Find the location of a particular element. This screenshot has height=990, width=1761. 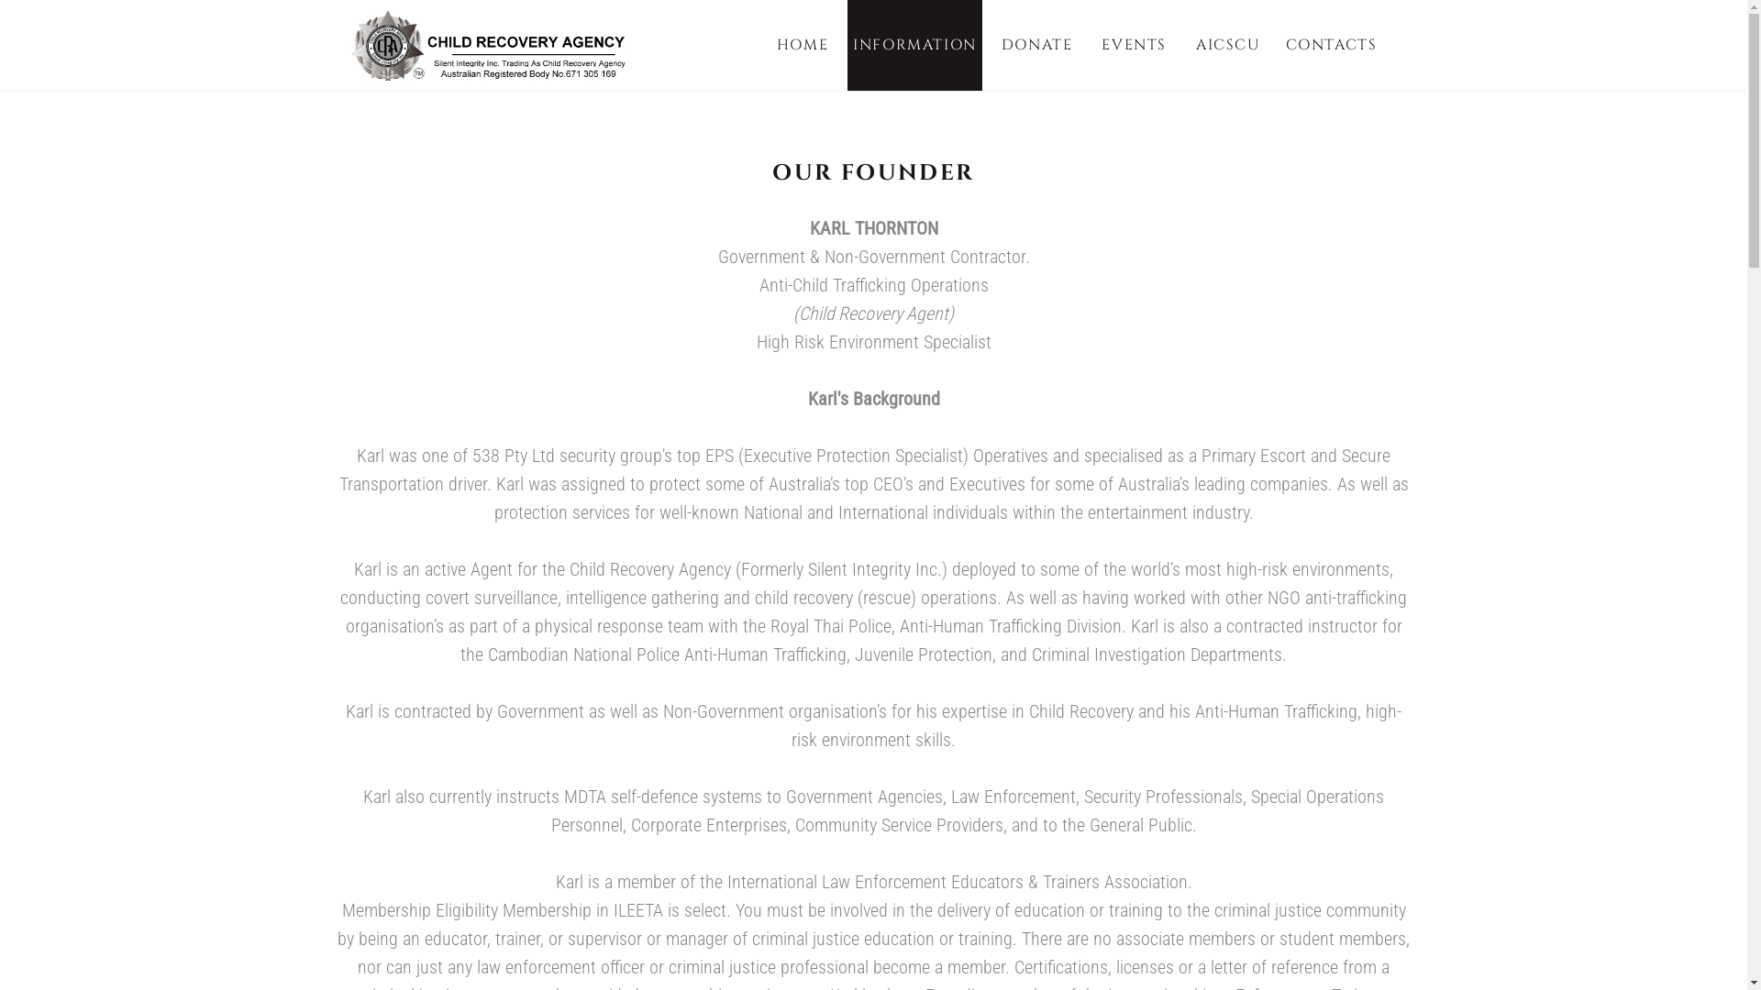

'HOME' is located at coordinates (802, 44).